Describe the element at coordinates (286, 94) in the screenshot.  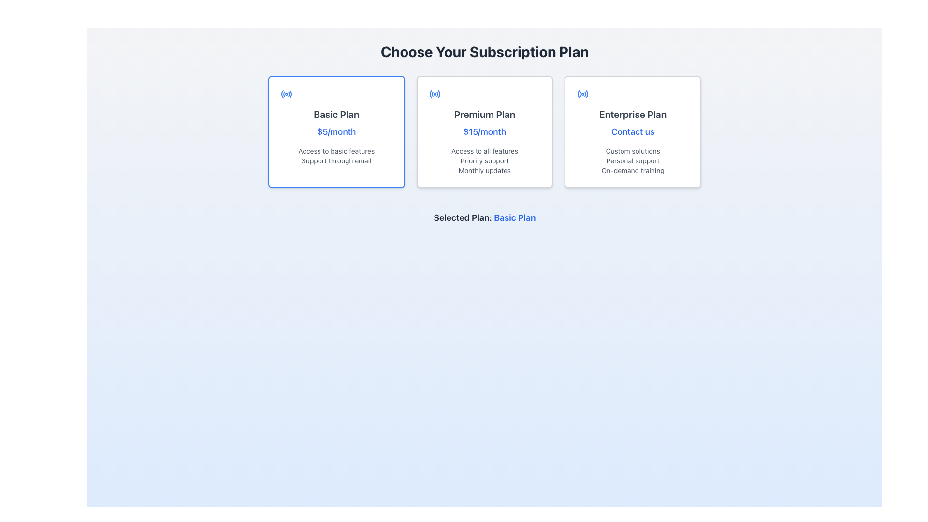
I see `the circular blue icon with radiating curves located above the 'Basic Plan' text` at that location.